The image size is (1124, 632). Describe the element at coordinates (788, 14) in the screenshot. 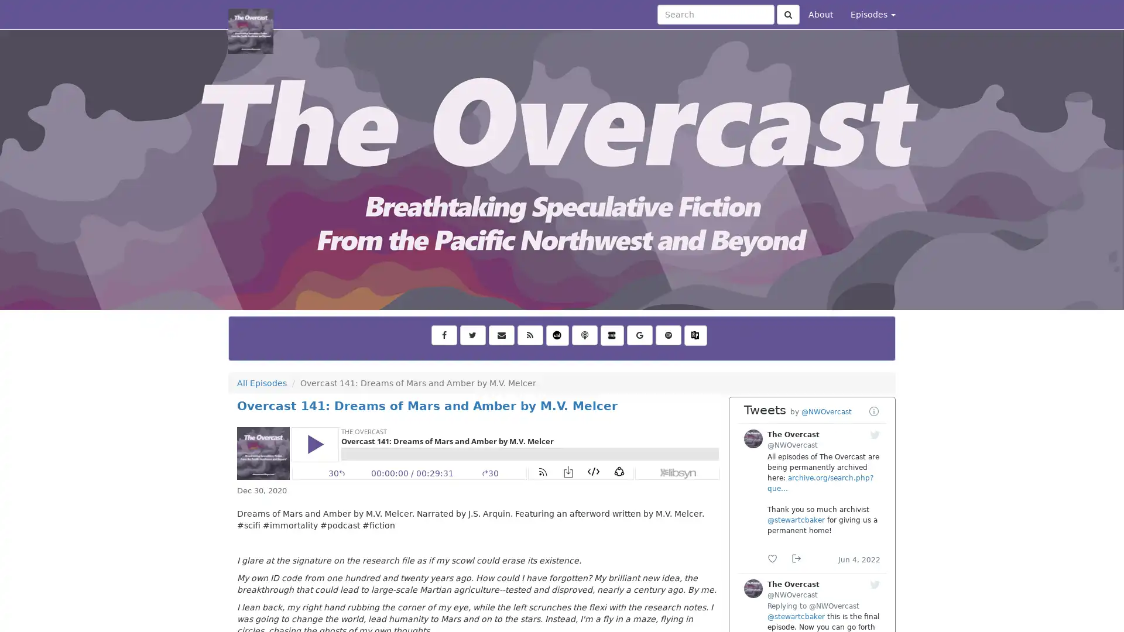

I see `Click to submit search` at that location.